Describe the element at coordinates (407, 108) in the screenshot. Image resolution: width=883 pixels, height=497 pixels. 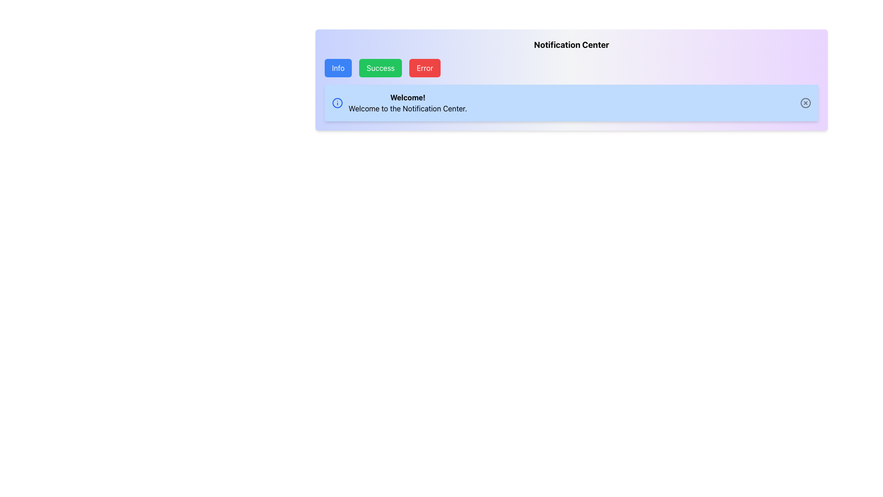
I see `the text label that contains 'Welcome to the Notification Center.' positioned below the 'Welcome!' text in the blue notification card` at that location.